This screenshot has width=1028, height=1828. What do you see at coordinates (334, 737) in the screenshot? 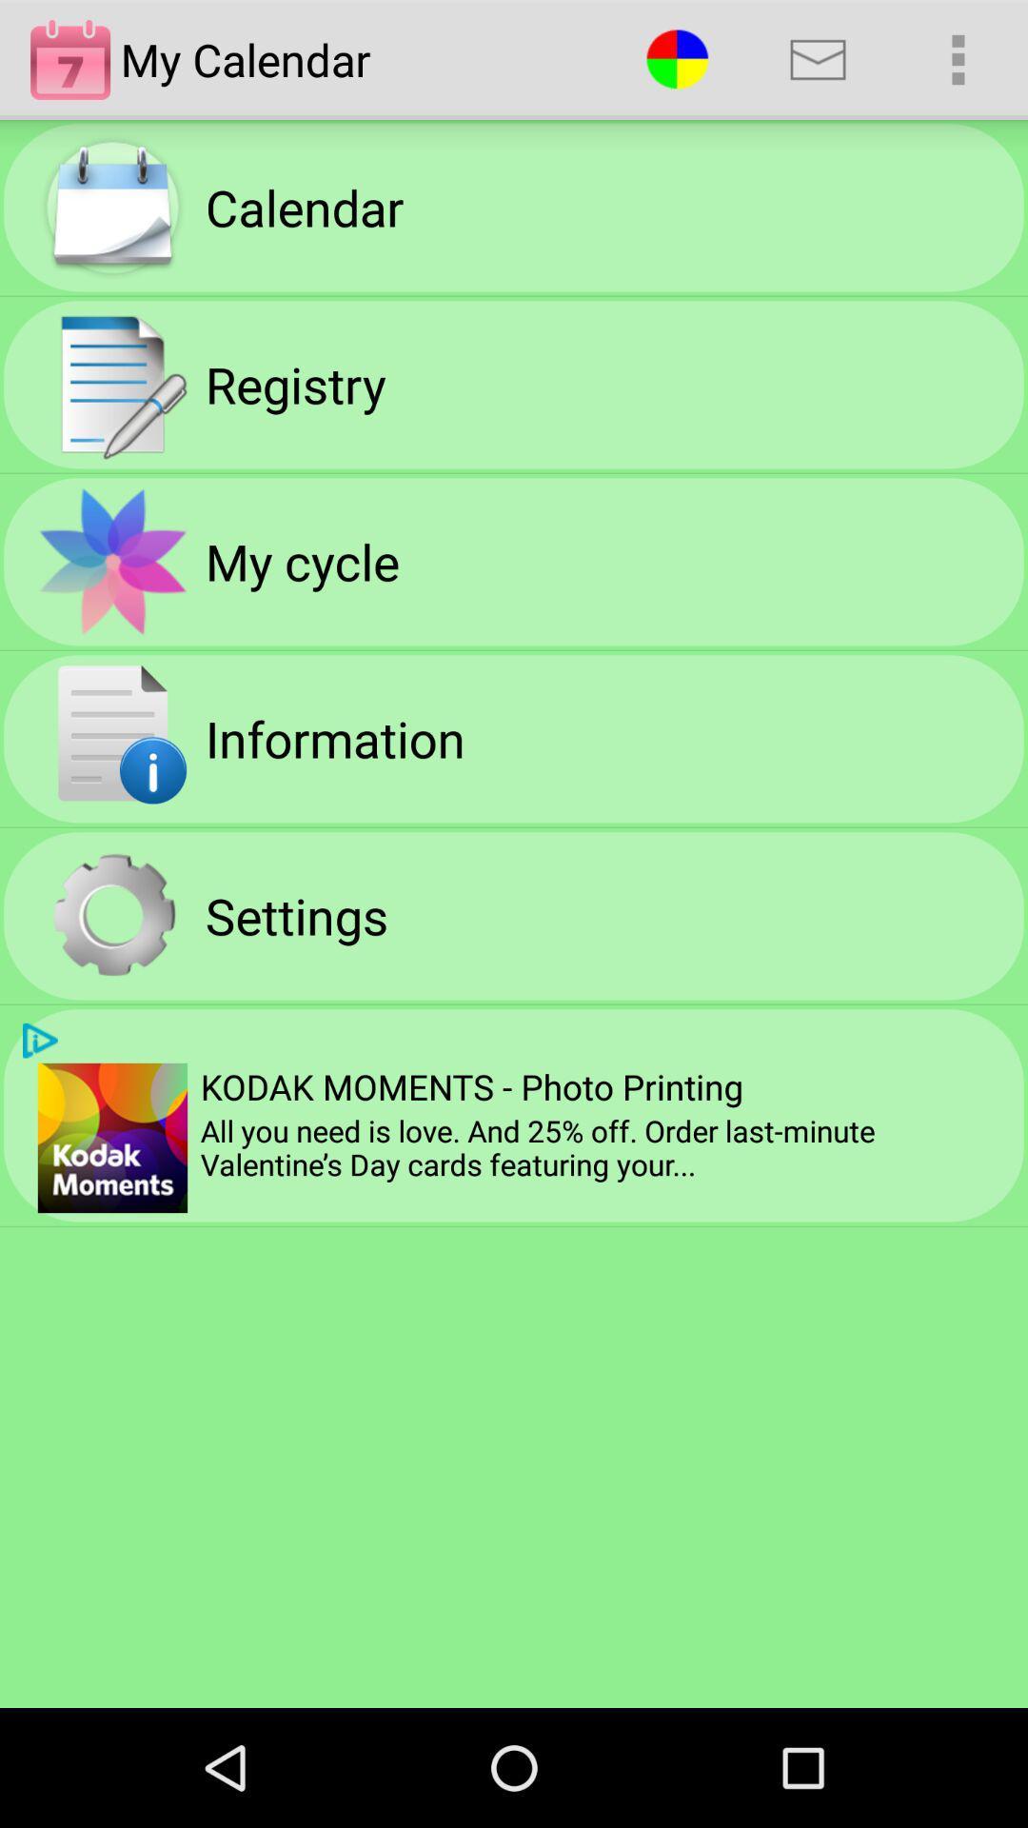
I see `item above the settings item` at bounding box center [334, 737].